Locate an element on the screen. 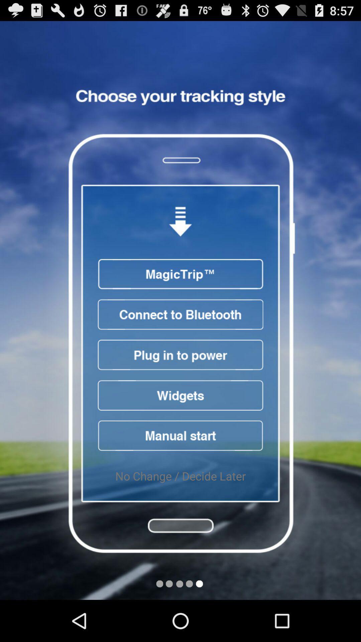  start manually is located at coordinates (180, 436).